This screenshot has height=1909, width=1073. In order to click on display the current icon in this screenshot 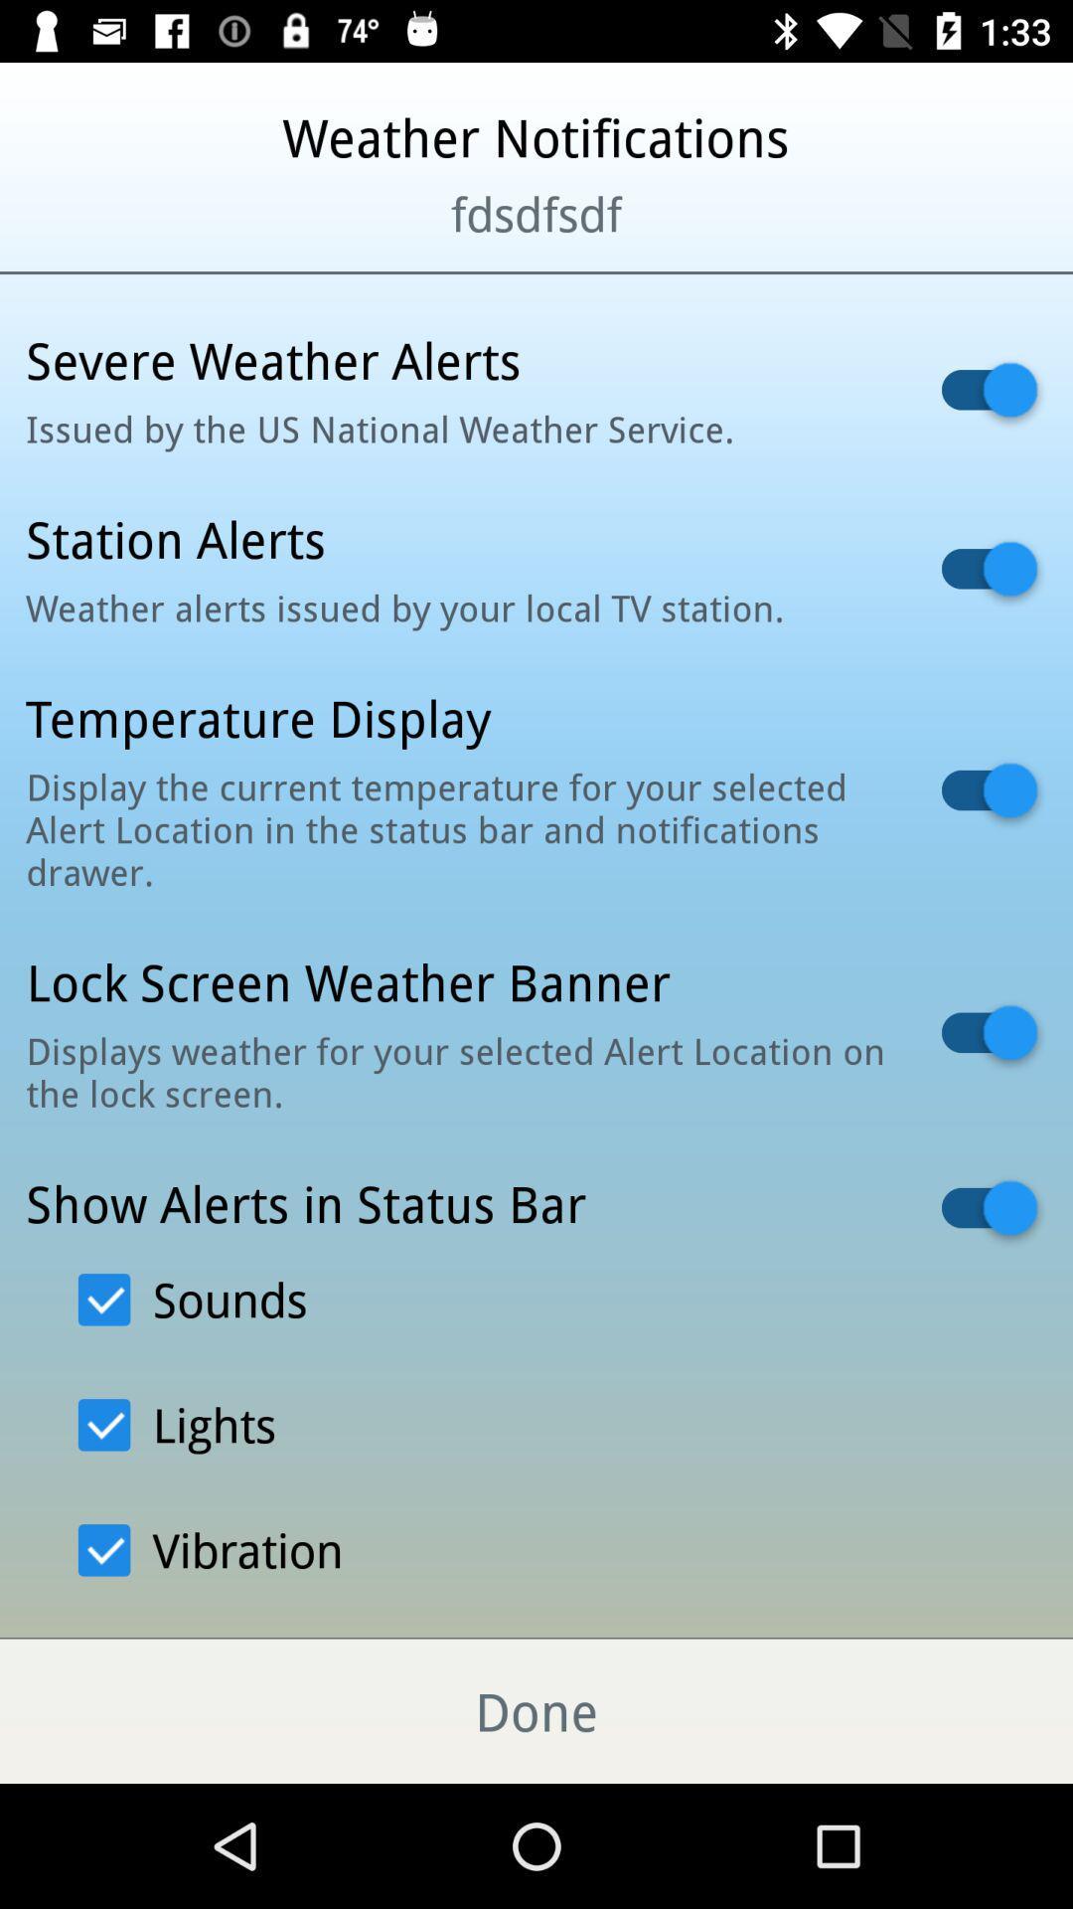, I will do `click(458, 829)`.